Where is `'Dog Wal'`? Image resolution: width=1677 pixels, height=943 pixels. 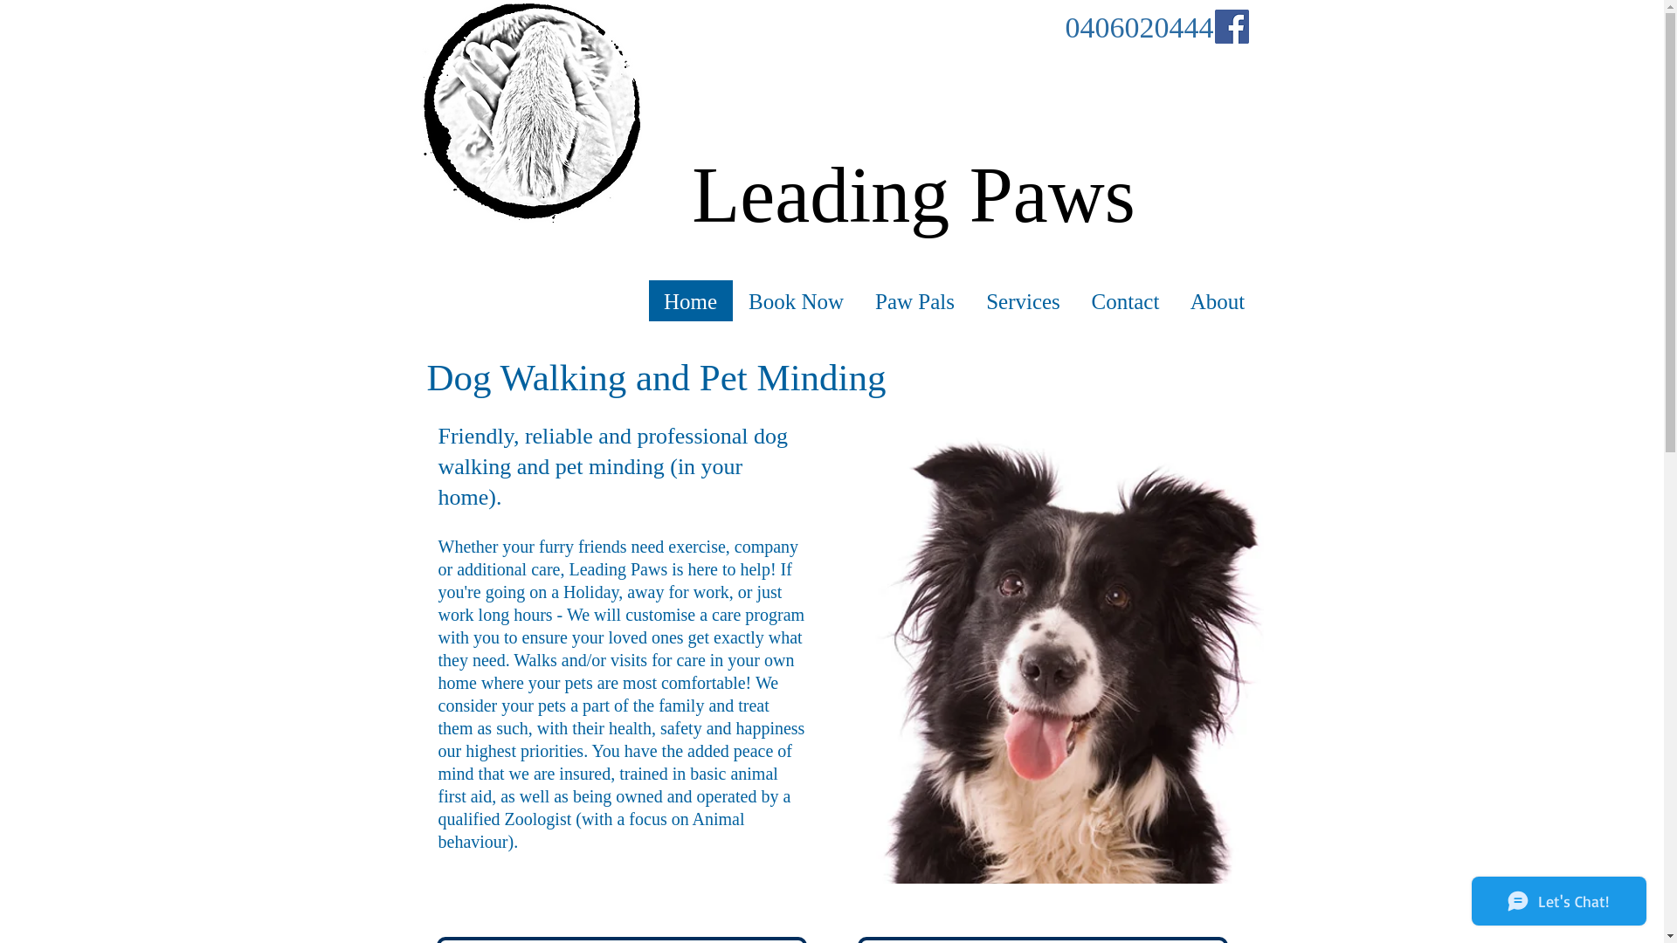 'Dog Wal' is located at coordinates (491, 376).